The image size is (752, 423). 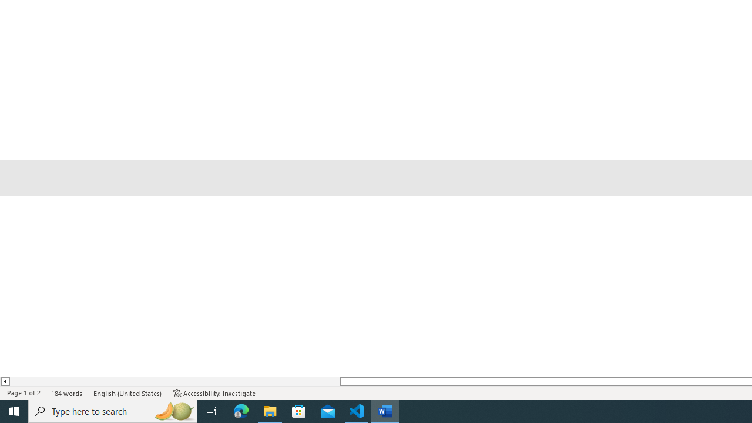 I want to click on 'Column left', so click(x=5, y=381).